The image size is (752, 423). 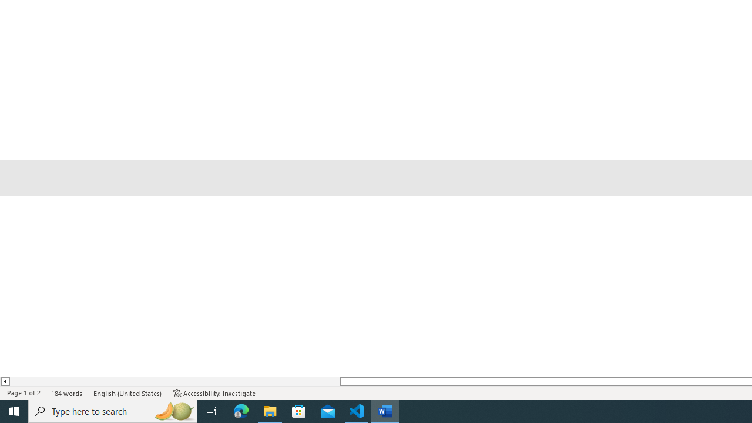 I want to click on 'Column left', so click(x=5, y=381).